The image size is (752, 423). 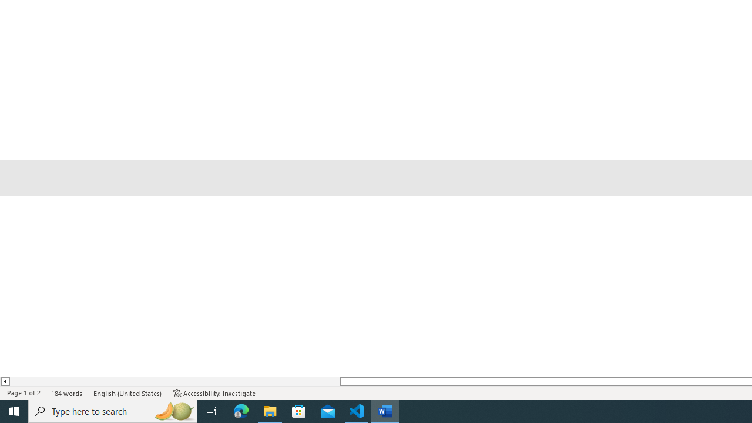 I want to click on 'Column left', so click(x=5, y=381).